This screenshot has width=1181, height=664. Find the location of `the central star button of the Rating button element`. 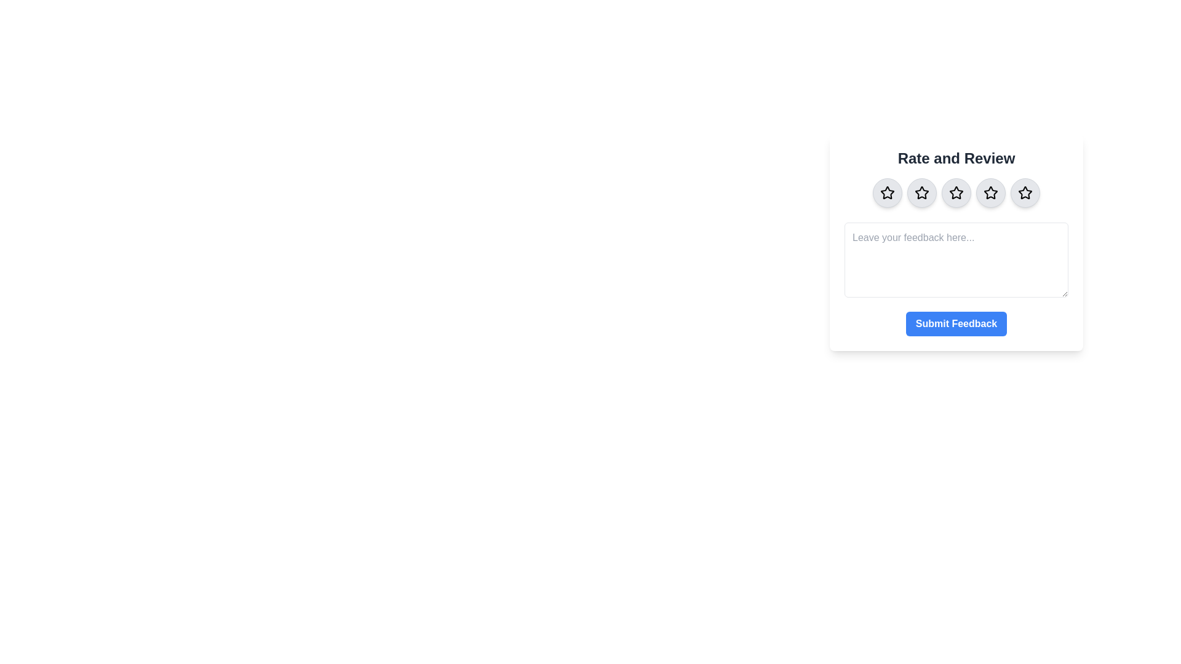

the central star button of the Rating button element is located at coordinates (956, 192).